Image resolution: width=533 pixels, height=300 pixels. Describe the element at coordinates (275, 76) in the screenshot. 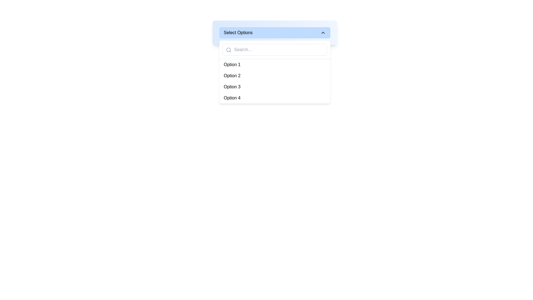

I see `the second item in the dropdown menu` at that location.